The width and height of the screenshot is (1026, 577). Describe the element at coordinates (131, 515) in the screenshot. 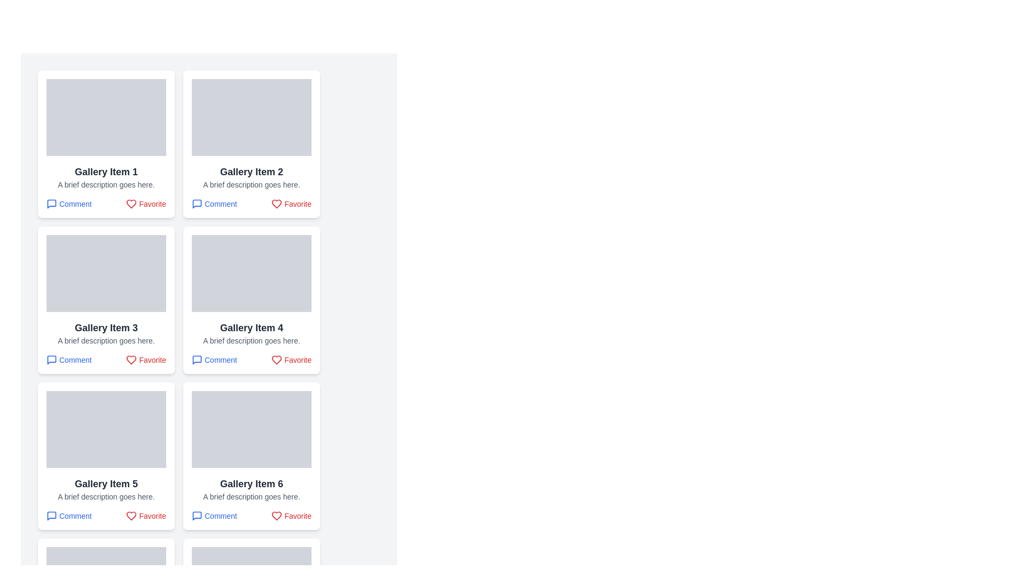

I see `the heart-shaped icon button located in 'Gallery Item 5' card to like the item` at that location.